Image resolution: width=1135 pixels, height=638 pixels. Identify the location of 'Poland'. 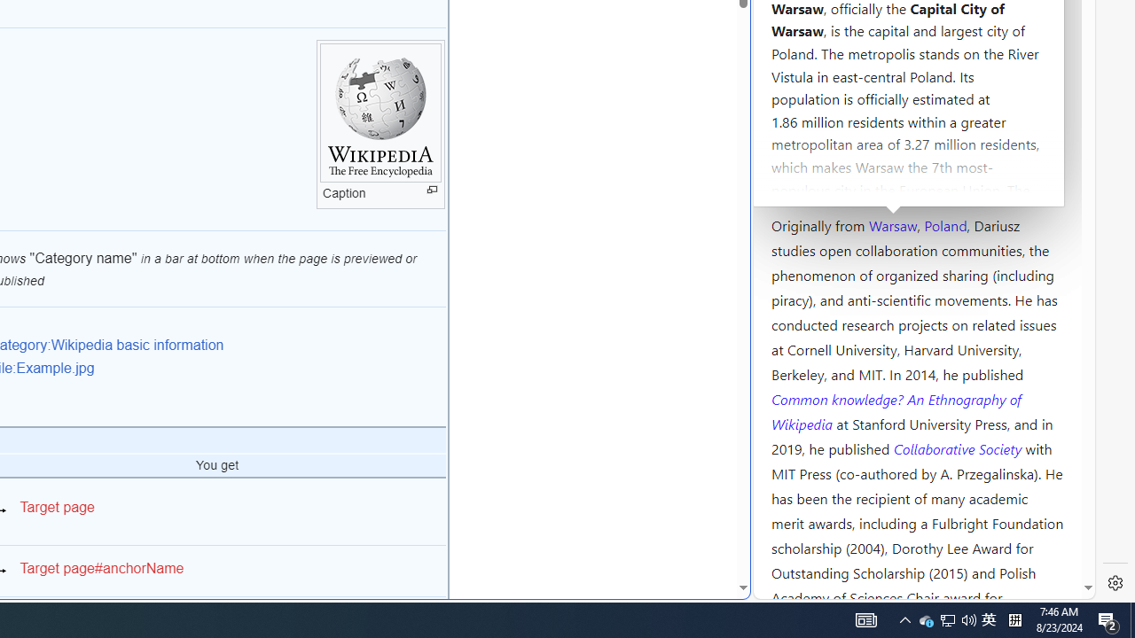
(944, 223).